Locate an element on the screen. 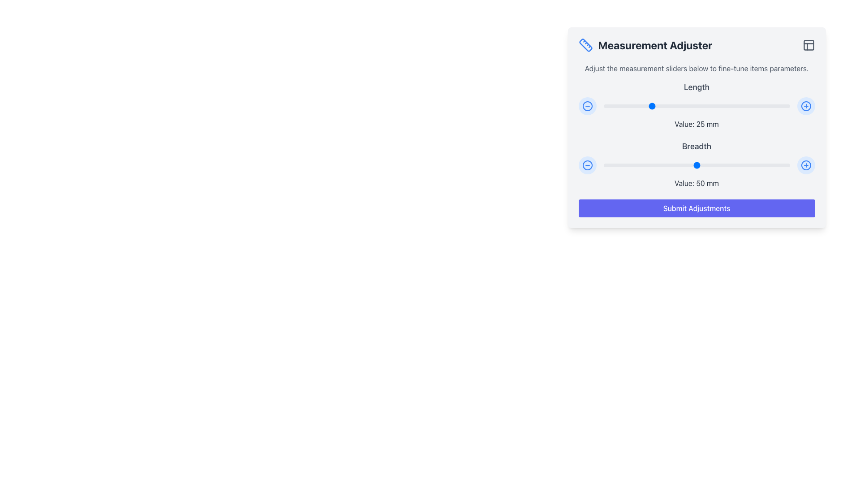  the length value is located at coordinates (774, 105).